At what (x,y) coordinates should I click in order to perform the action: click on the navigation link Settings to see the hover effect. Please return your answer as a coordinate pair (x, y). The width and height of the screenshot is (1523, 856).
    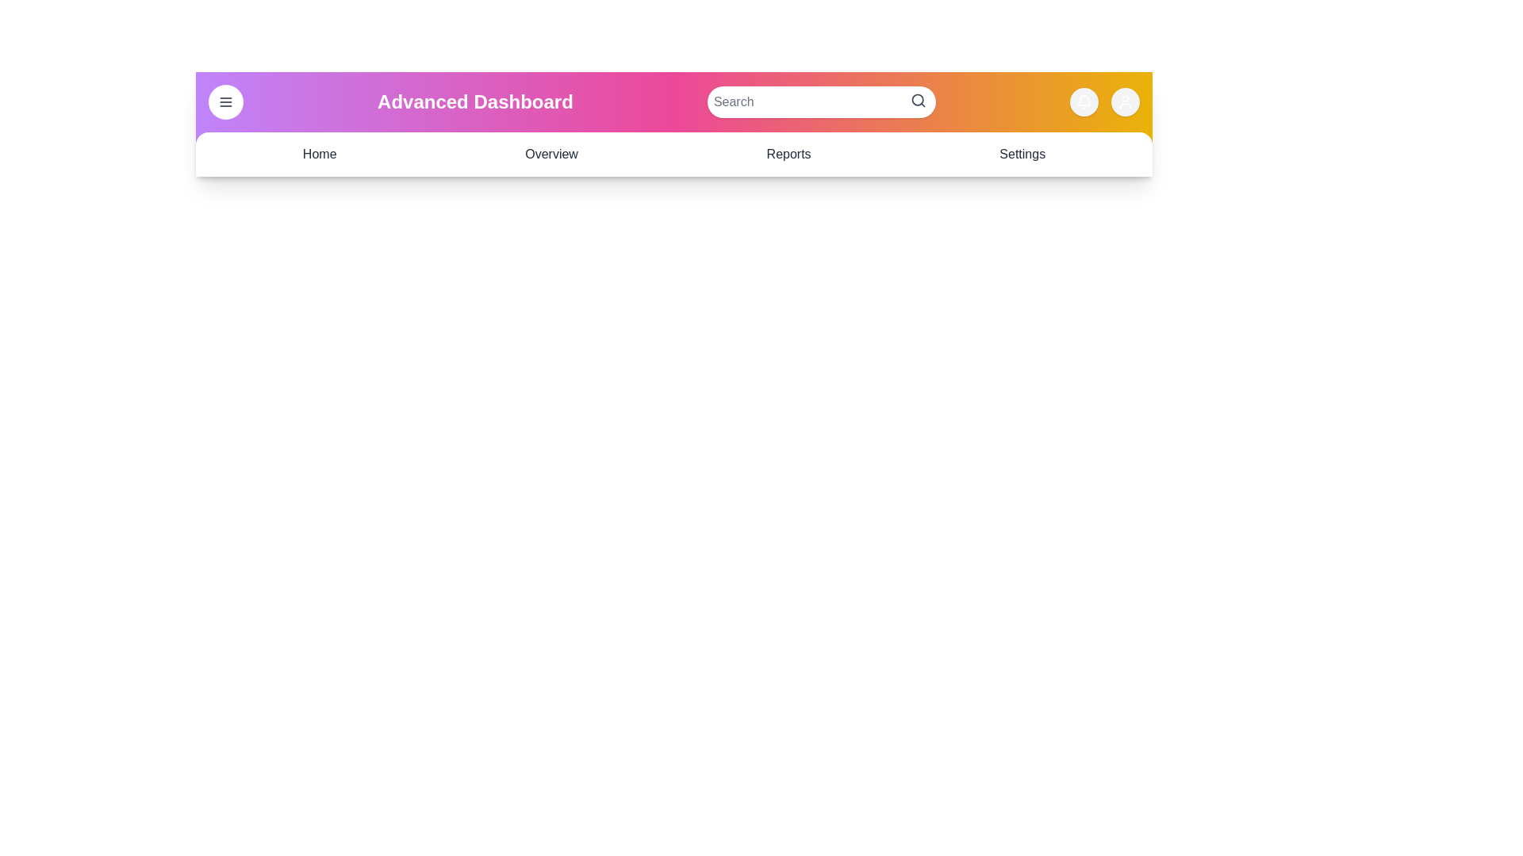
    Looking at the image, I should click on (1022, 155).